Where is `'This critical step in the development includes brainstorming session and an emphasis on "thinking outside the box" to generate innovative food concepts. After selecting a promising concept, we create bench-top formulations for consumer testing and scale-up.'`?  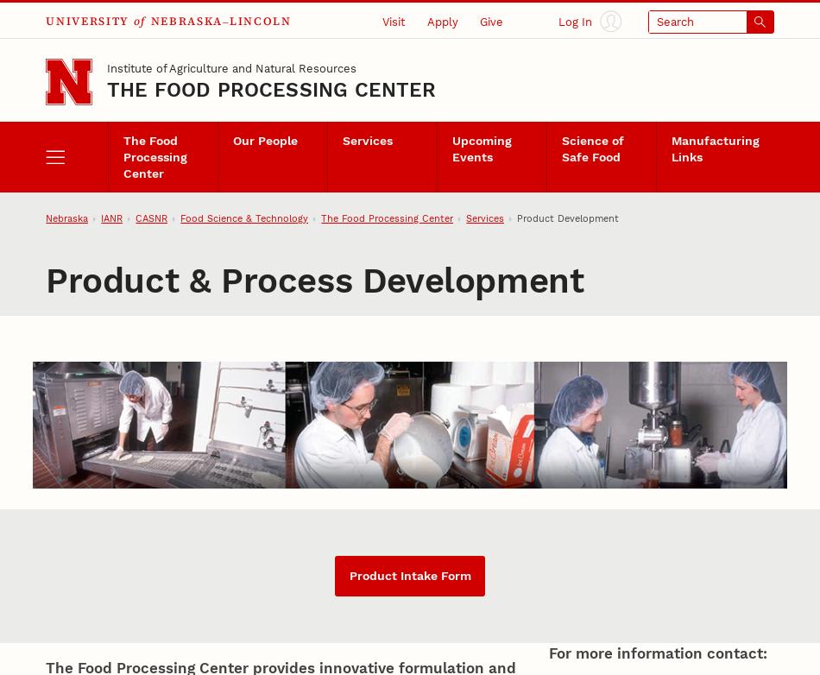 'This critical step in the development includes brainstorming session and an emphasis on "thinking outside the box" to generate innovative food concepts. After selecting a promising concept, we create bench-top formulations for consumer testing and scale-up.' is located at coordinates (274, 590).